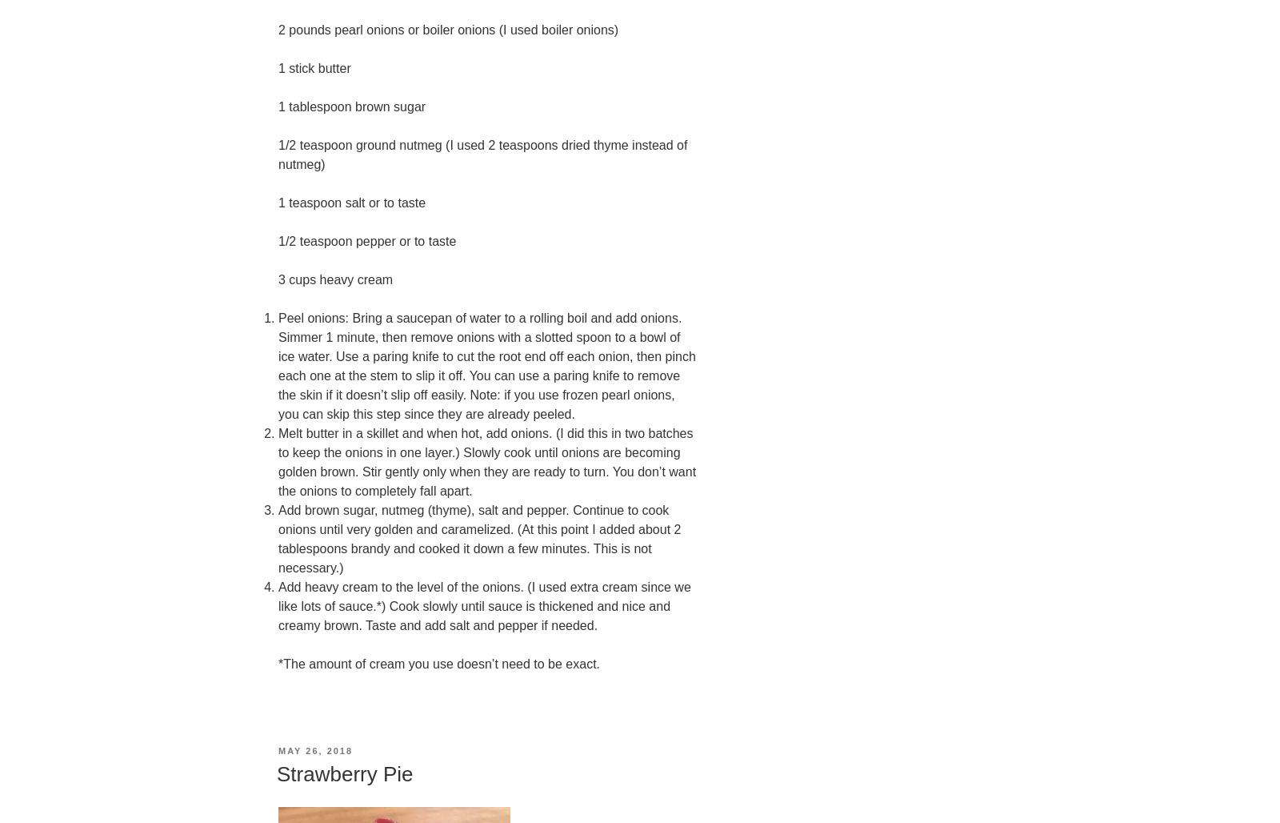 This screenshot has width=1280, height=823. I want to click on '1 teaspoon salt or to taste', so click(351, 202).